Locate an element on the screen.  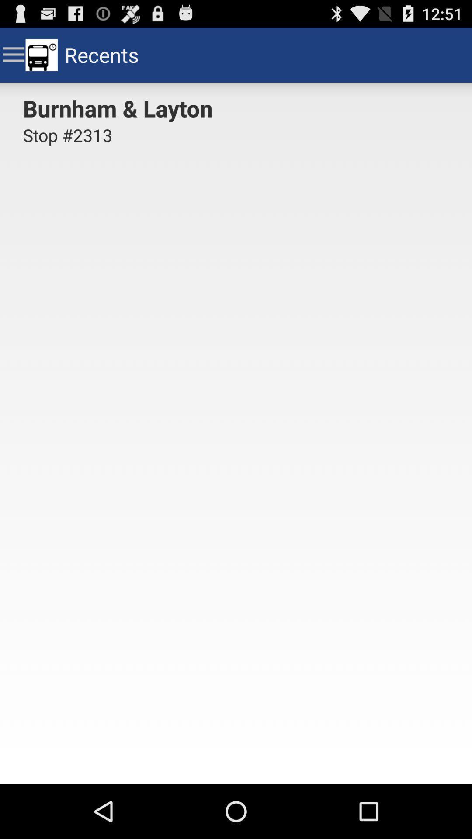
the stop #2313 icon is located at coordinates (67, 140).